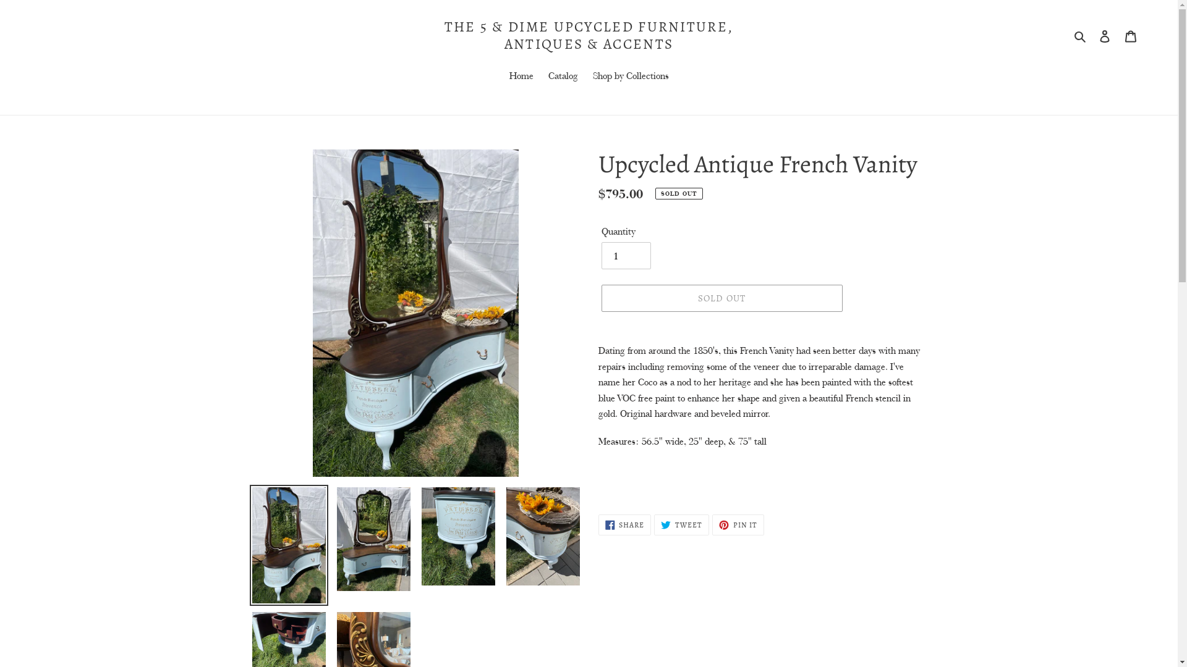 This screenshot has width=1187, height=667. I want to click on 'SHARE, so click(625, 524).